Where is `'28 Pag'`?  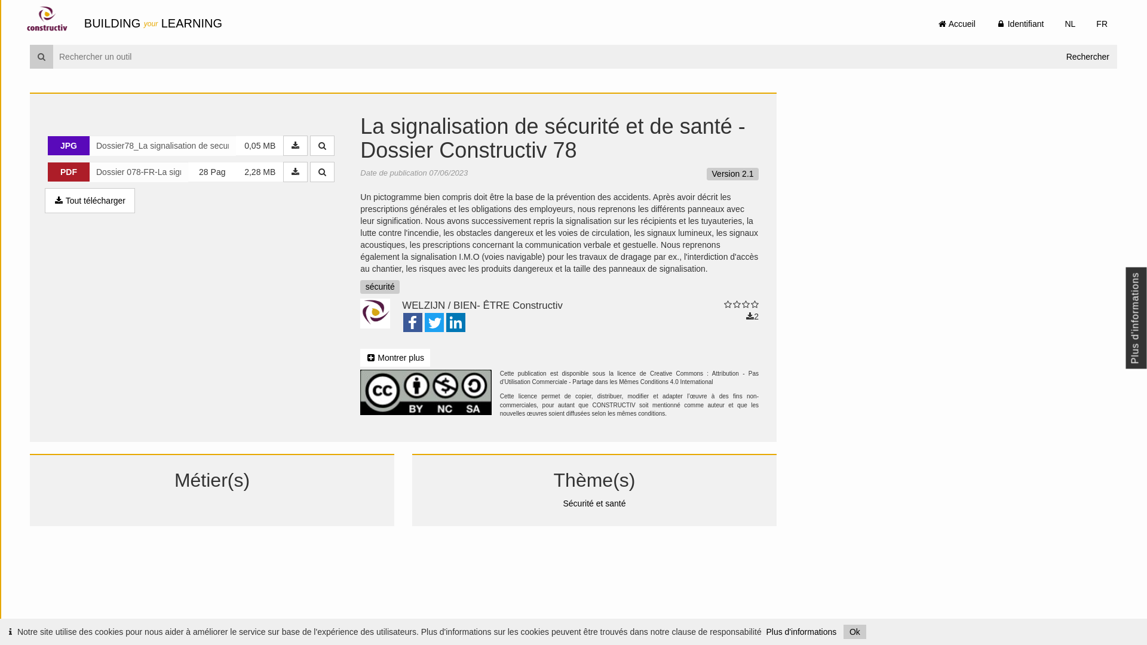
'28 Pag' is located at coordinates (212, 172).